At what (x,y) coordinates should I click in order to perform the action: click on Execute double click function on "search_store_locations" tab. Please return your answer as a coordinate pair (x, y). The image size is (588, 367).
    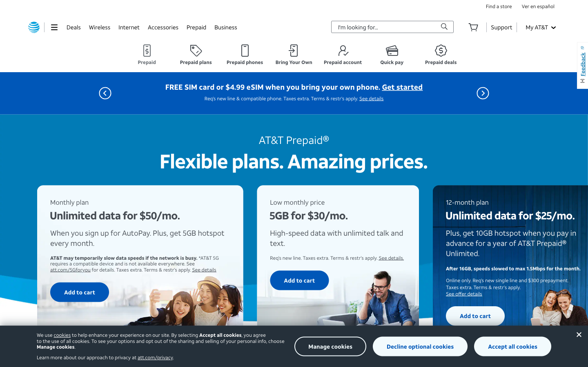
    Looking at the image, I should click on (498, 6).